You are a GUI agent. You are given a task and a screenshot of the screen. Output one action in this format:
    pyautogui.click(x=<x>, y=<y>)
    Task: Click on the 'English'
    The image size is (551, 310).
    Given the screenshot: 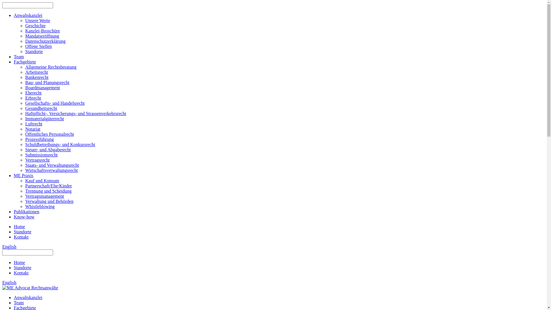 What is the action you would take?
    pyautogui.click(x=9, y=282)
    